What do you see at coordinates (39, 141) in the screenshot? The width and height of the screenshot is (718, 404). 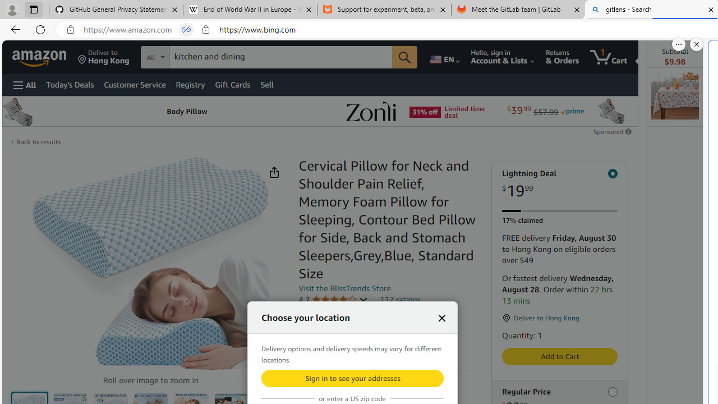 I see `'Back to results'` at bounding box center [39, 141].